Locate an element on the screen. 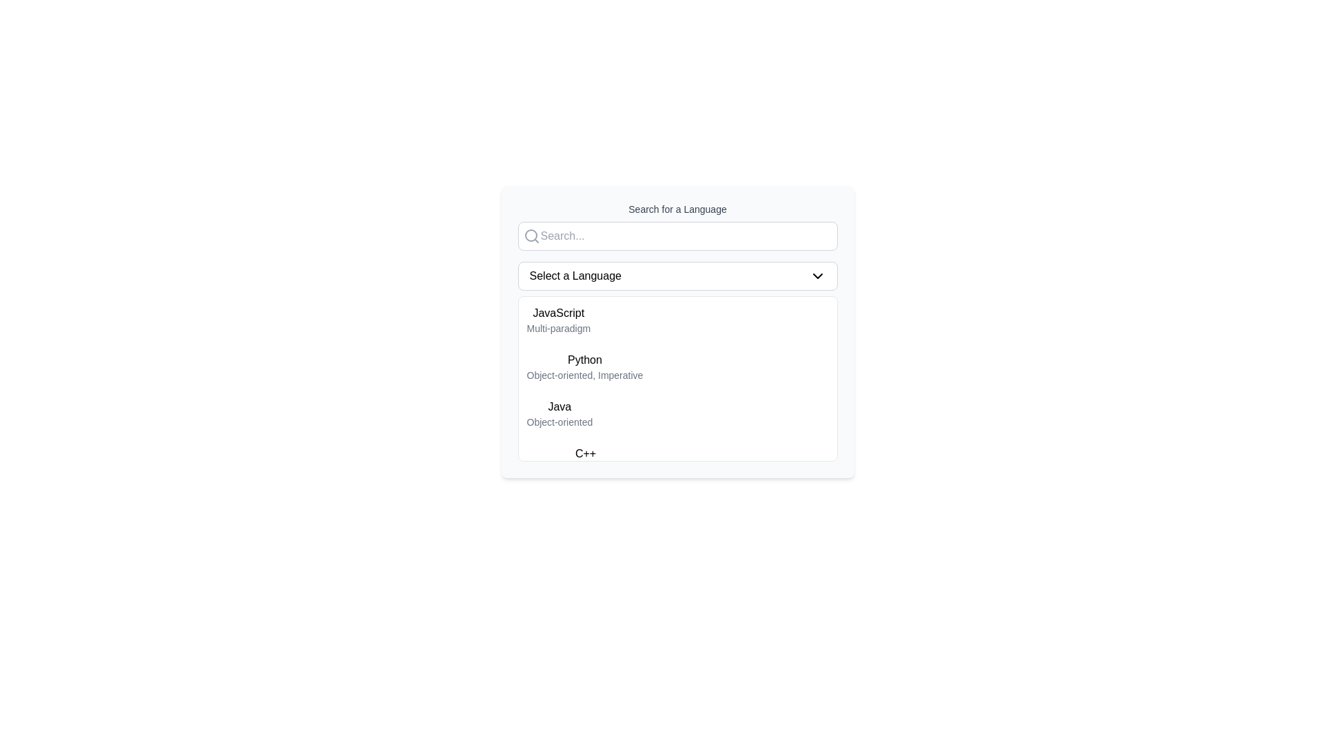 The image size is (1323, 744). the selectable programming language option 'C++' in the dropdown menu is located at coordinates (585, 460).